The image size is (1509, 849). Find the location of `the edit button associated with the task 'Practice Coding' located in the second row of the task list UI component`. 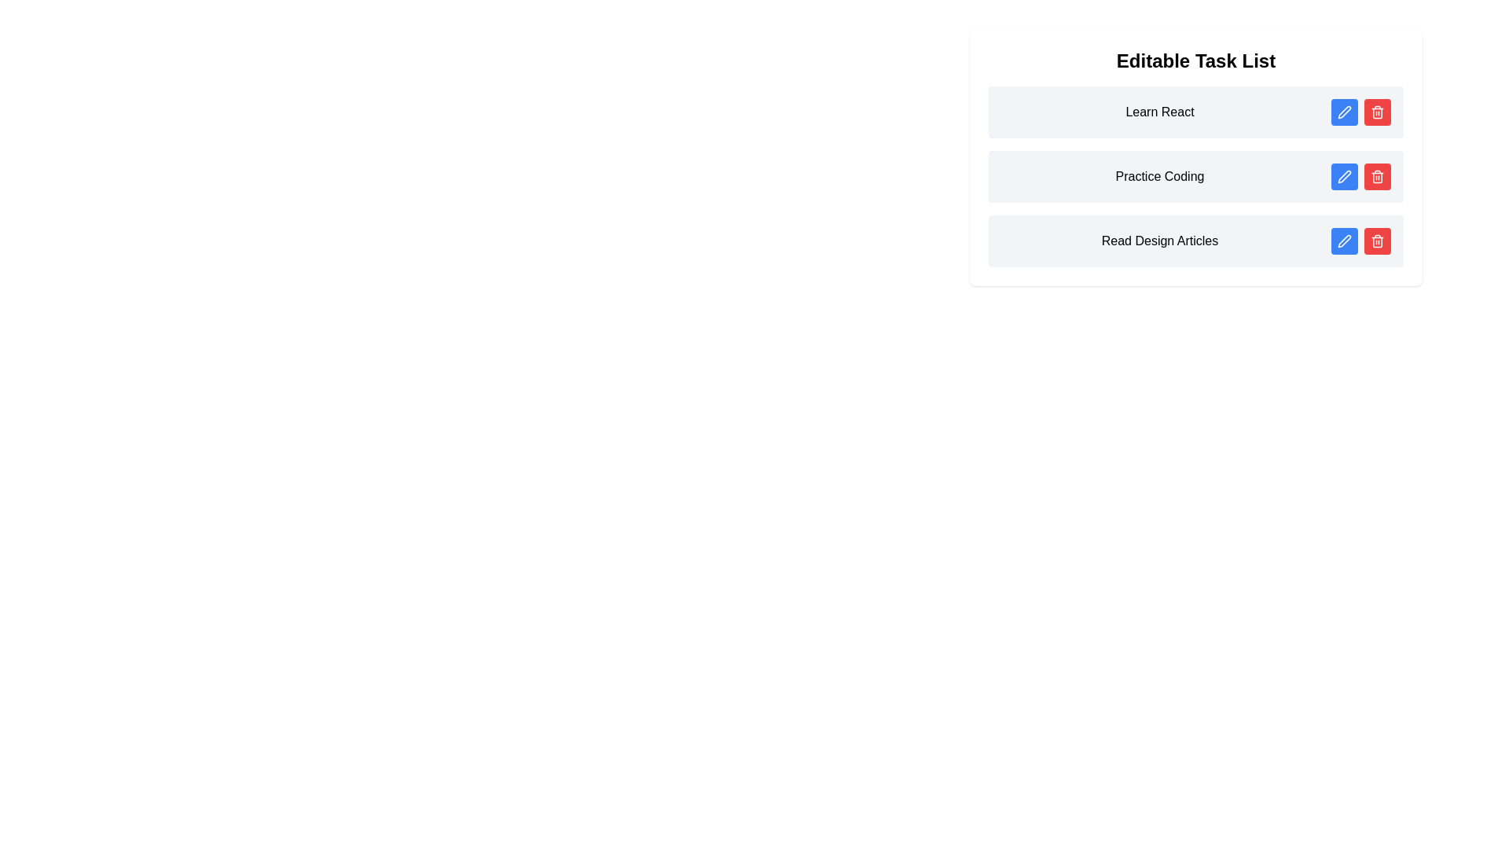

the edit button associated with the task 'Practice Coding' located in the second row of the task list UI component is located at coordinates (1343, 176).